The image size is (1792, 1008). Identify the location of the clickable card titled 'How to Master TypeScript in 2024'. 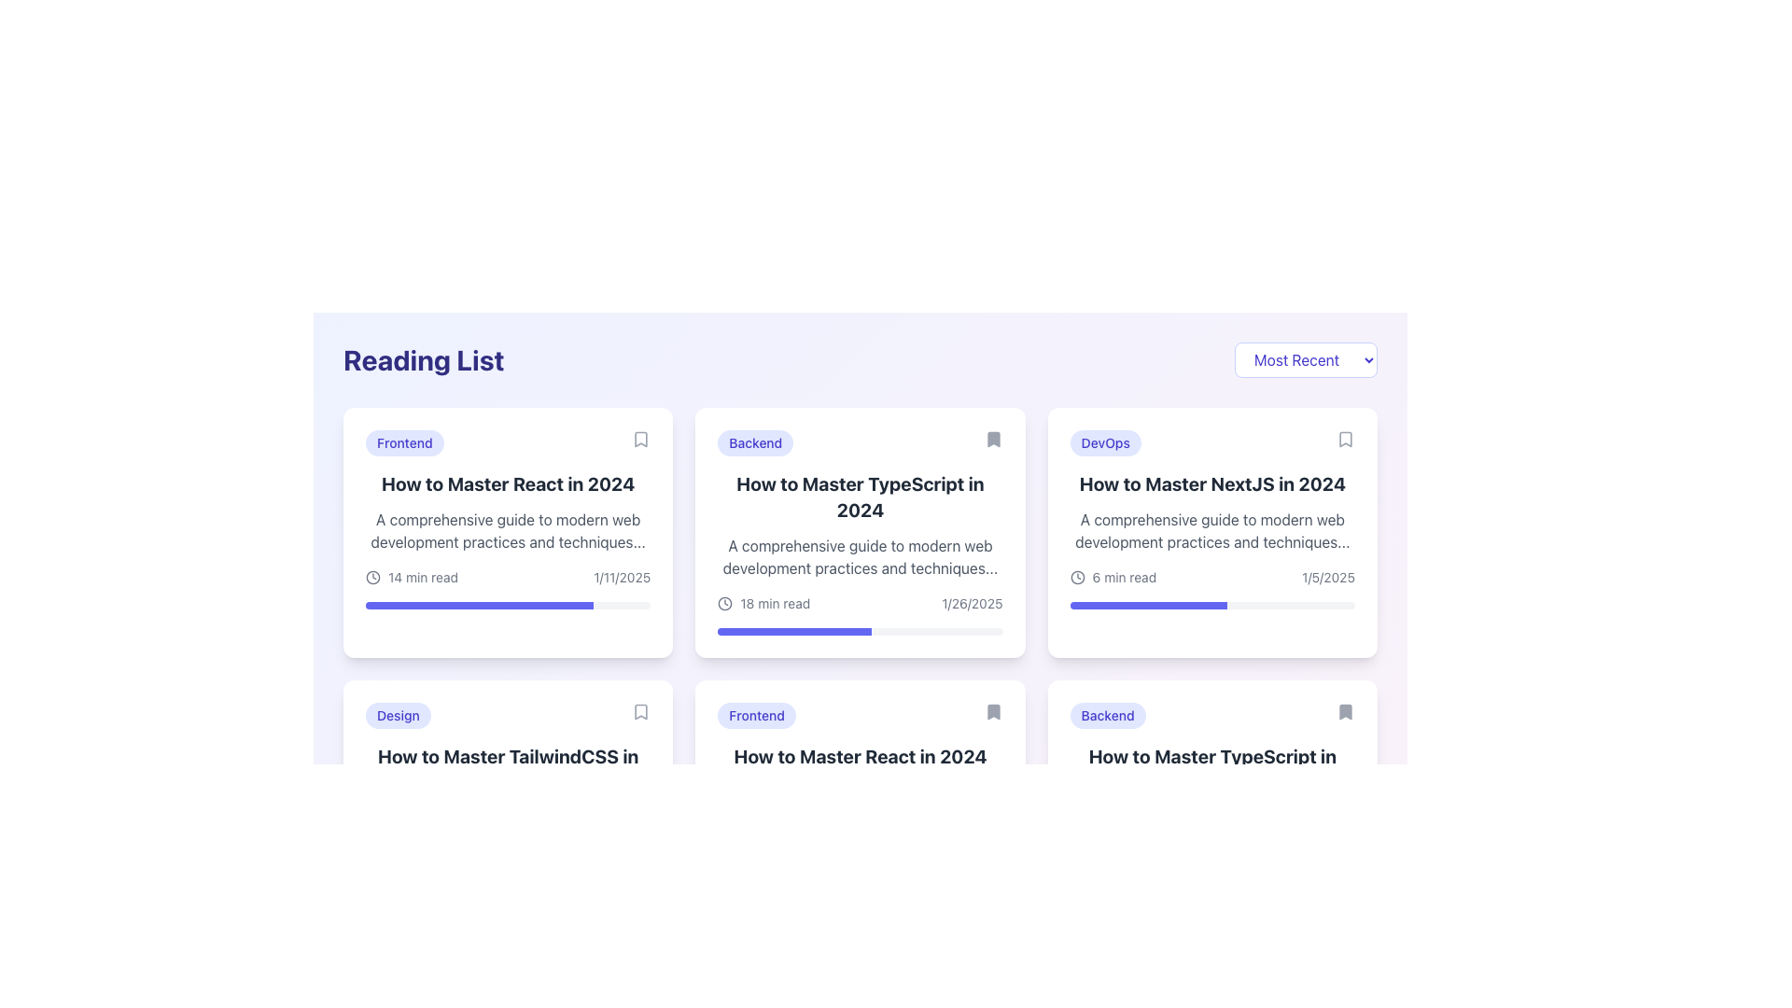
(859, 532).